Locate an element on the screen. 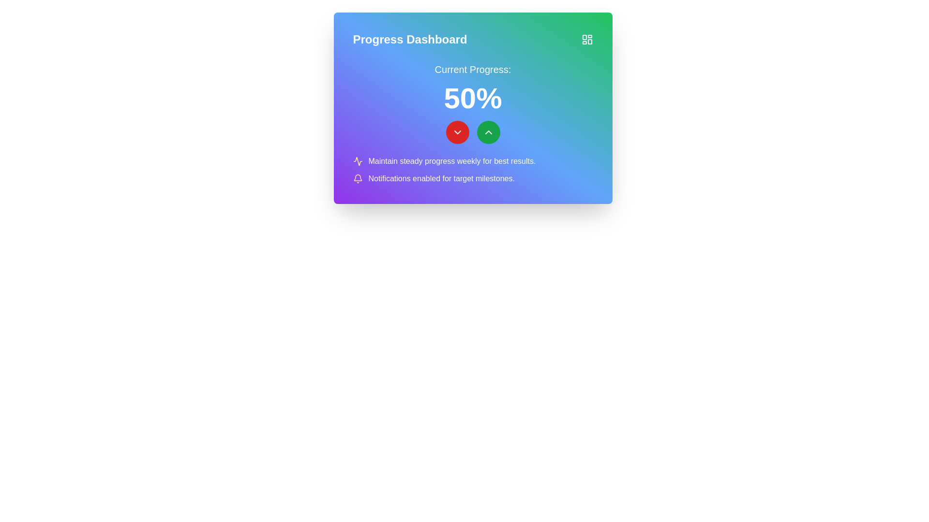  the informational icon located below the message 'Maintain steady progress weekly for best results' to interact with it, as it conveys that notifications are enabled for important milestones is located at coordinates (473, 179).